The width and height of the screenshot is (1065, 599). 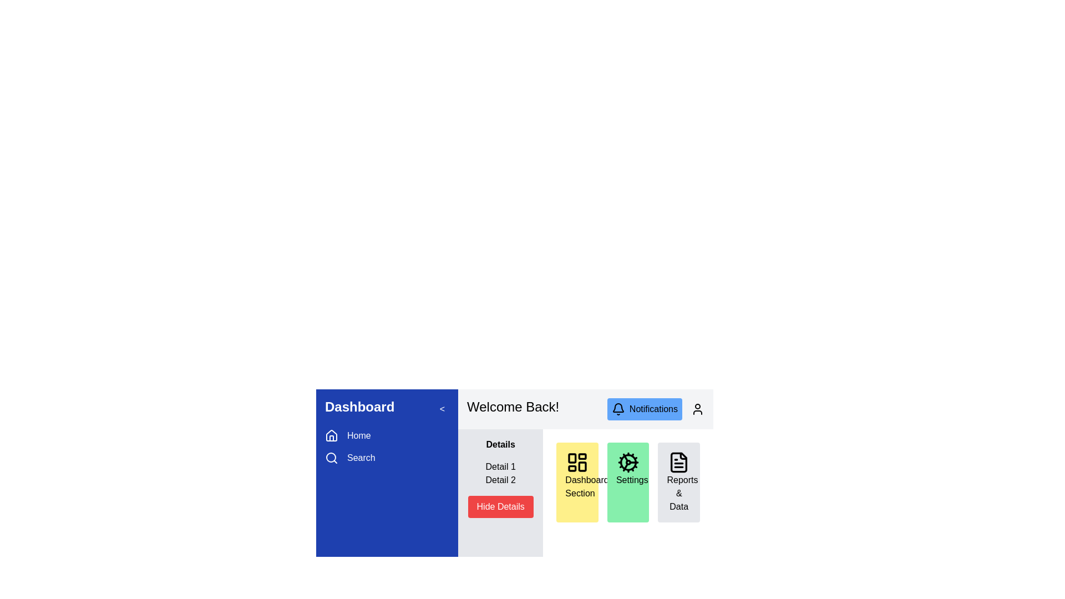 What do you see at coordinates (678, 462) in the screenshot?
I see `the document icon, which is a minimalist vector graphic with a rectangular outline and three horizontal lines inside, located within the 'Reports & Data' card in the bottom-right corner of the grouped cards under 'Welcome Back!'` at bounding box center [678, 462].